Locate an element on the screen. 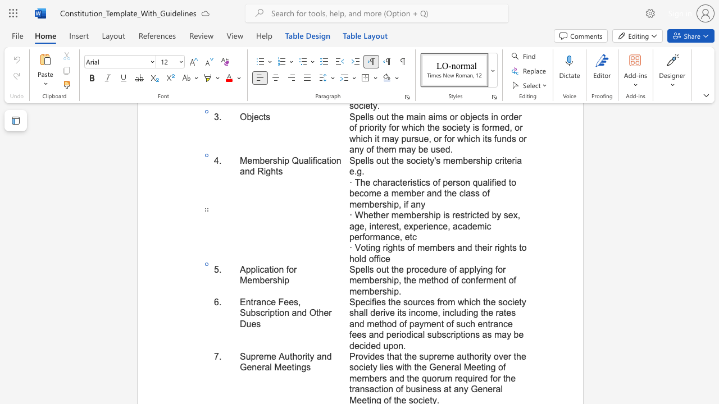  the 1th character "t" in the text is located at coordinates (270, 269).